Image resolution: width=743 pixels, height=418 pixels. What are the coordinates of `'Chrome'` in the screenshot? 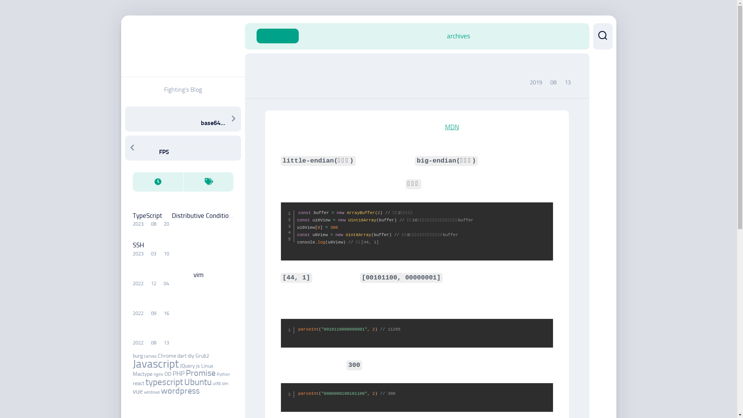 It's located at (158, 356).